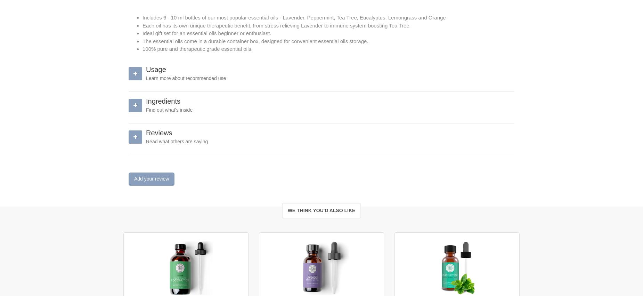 The image size is (643, 296). Describe the element at coordinates (163, 101) in the screenshot. I see `'Ingredients'` at that location.